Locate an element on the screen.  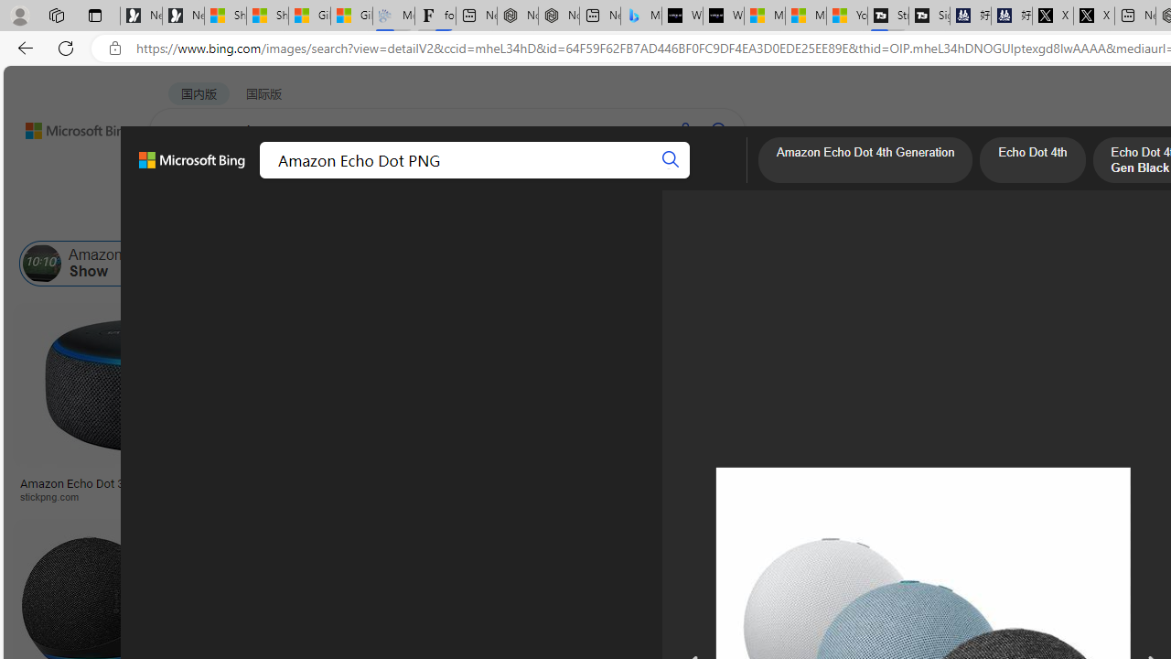
'Amazon Echo Show' is located at coordinates (42, 264).